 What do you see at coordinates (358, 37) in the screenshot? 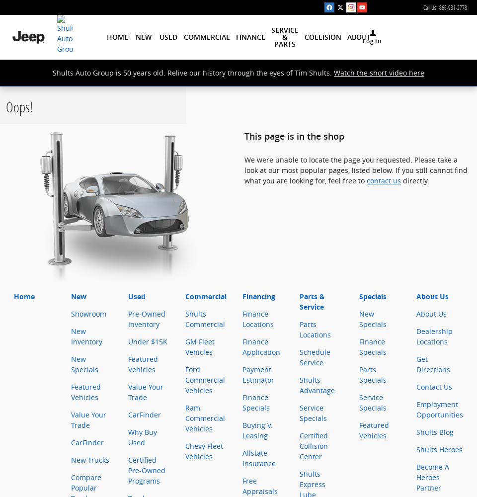
I see `'ABOUT'` at bounding box center [358, 37].